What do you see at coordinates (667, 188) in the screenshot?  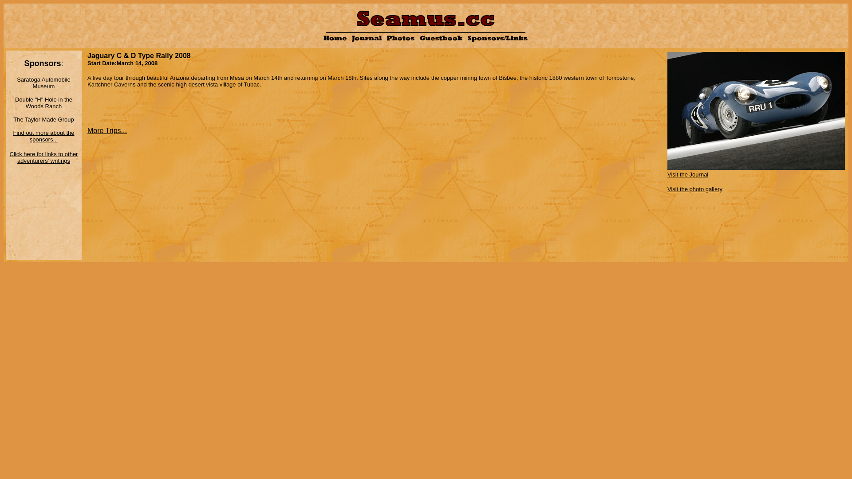 I see `'Visit the photo gallery'` at bounding box center [667, 188].